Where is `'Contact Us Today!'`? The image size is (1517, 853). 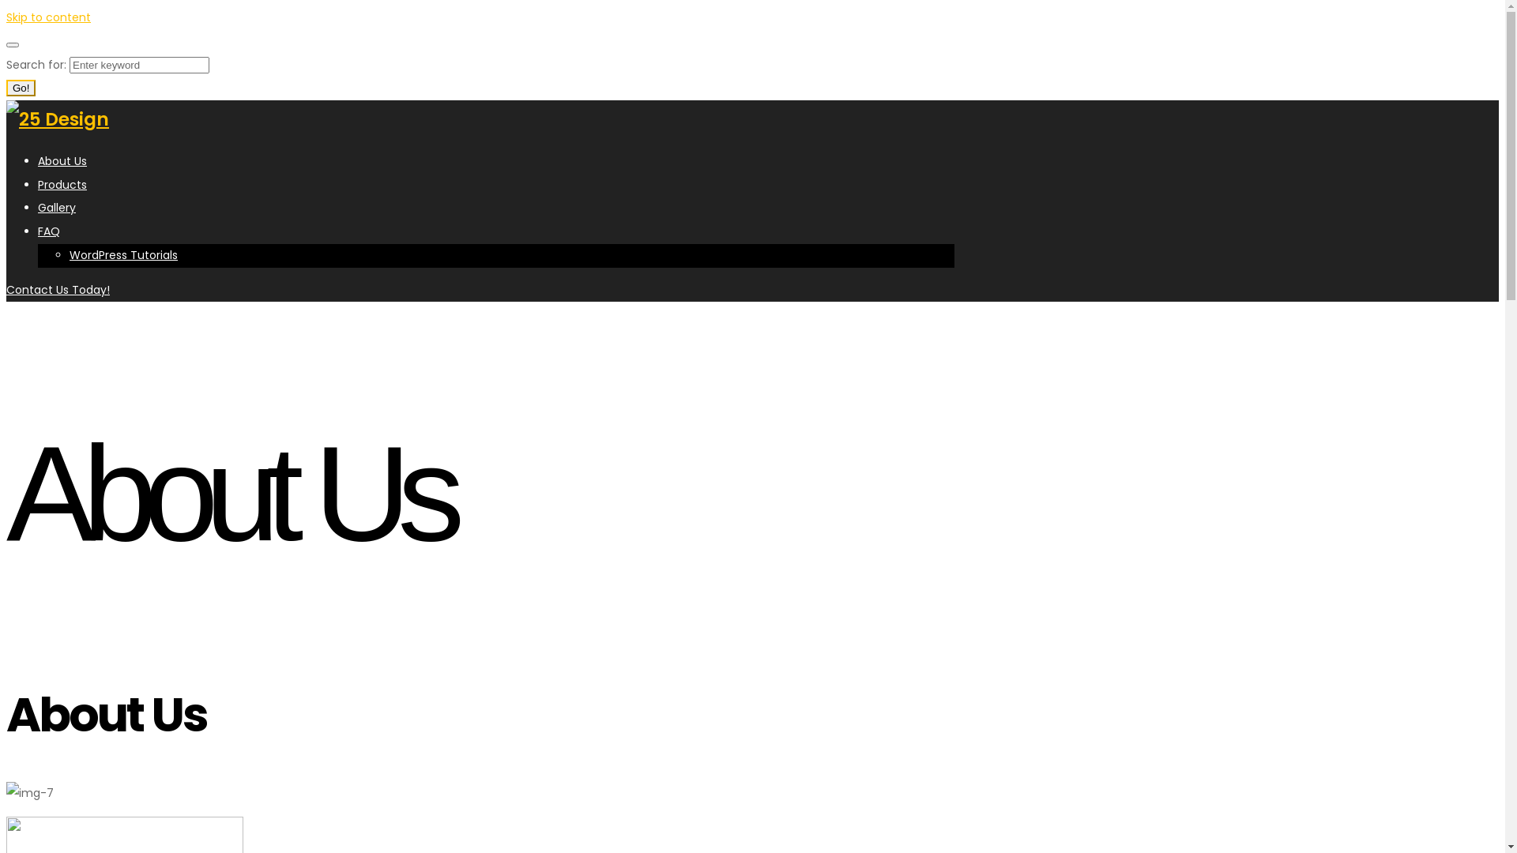
'Contact Us Today!' is located at coordinates (58, 289).